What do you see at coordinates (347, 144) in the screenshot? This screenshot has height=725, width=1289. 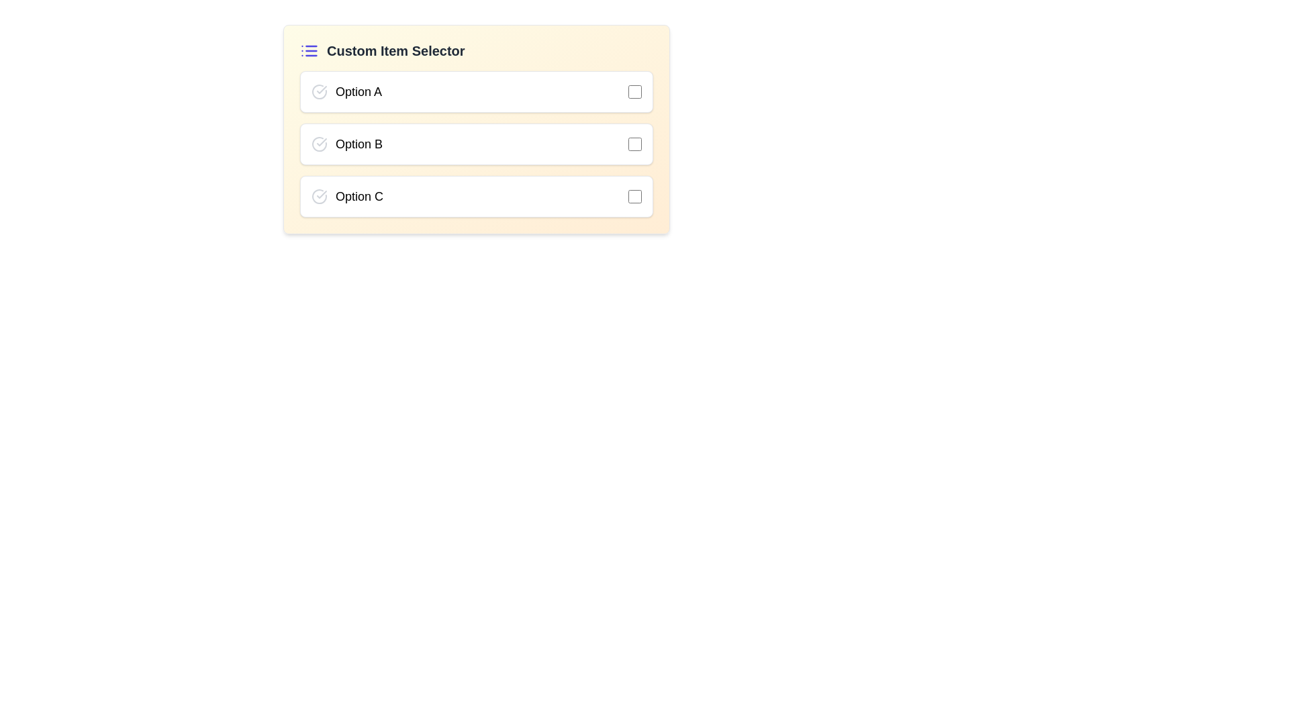 I see `the text label reading 'Option B', which is the second item in a vertical list of options under 'Custom Item Selector'` at bounding box center [347, 144].